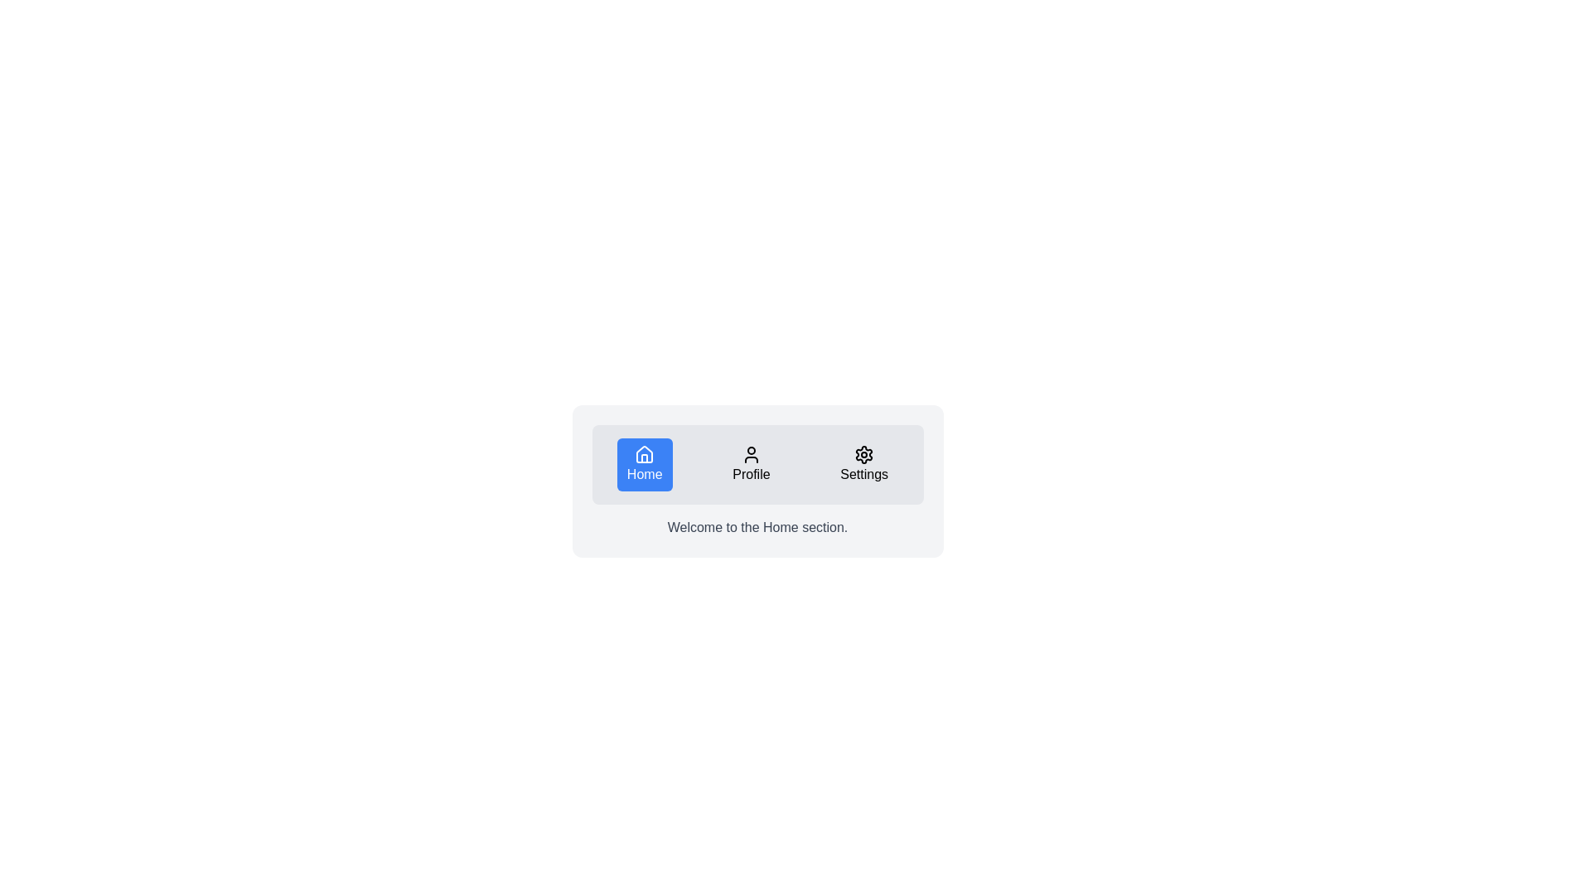 This screenshot has height=895, width=1591. Describe the element at coordinates (750, 464) in the screenshot. I see `the 'Profile' button, which is the second button in a set of three` at that location.